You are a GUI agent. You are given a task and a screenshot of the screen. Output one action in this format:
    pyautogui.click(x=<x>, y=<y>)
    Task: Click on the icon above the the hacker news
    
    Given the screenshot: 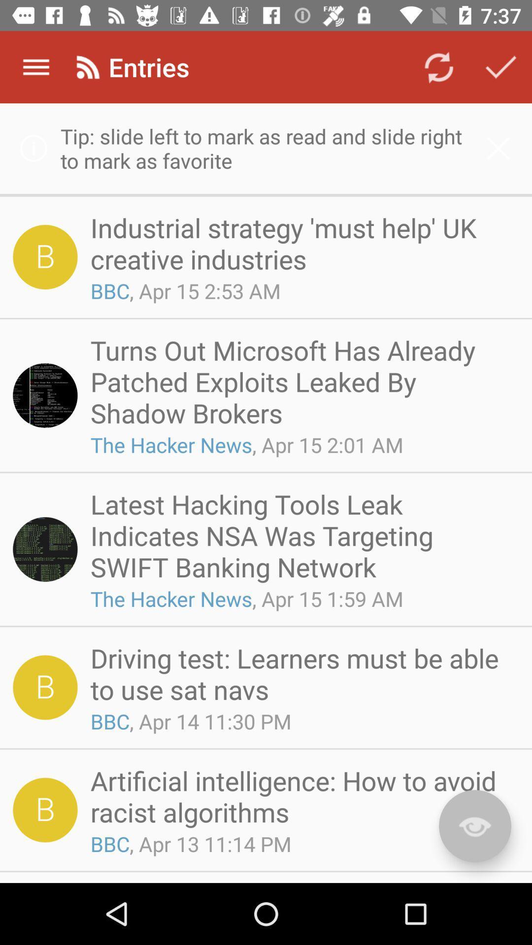 What is the action you would take?
    pyautogui.click(x=301, y=381)
    